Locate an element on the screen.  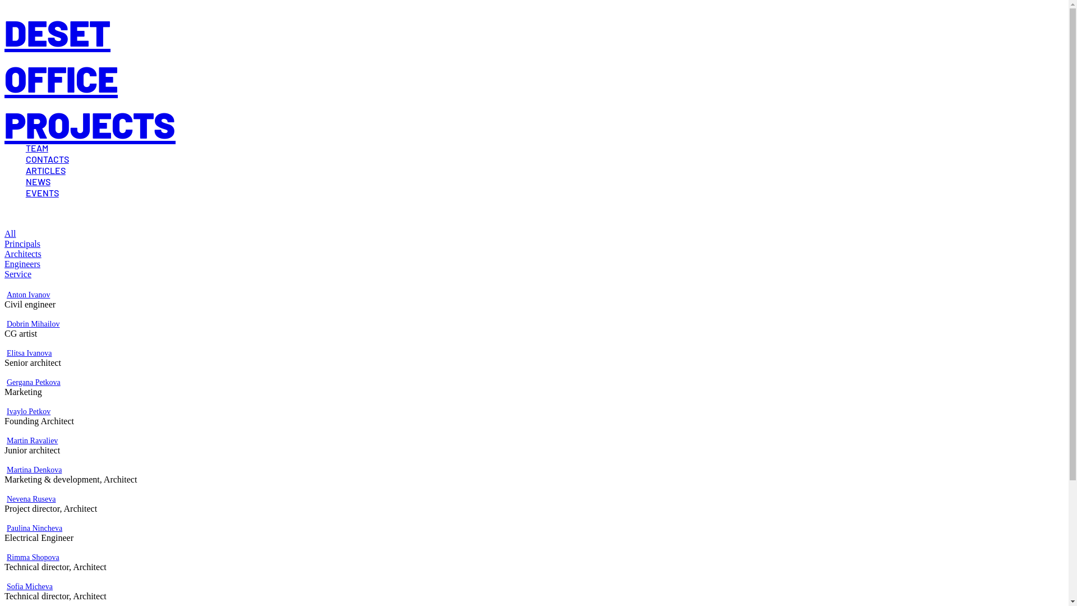
'Paulina Nincheva' is located at coordinates (7, 528).